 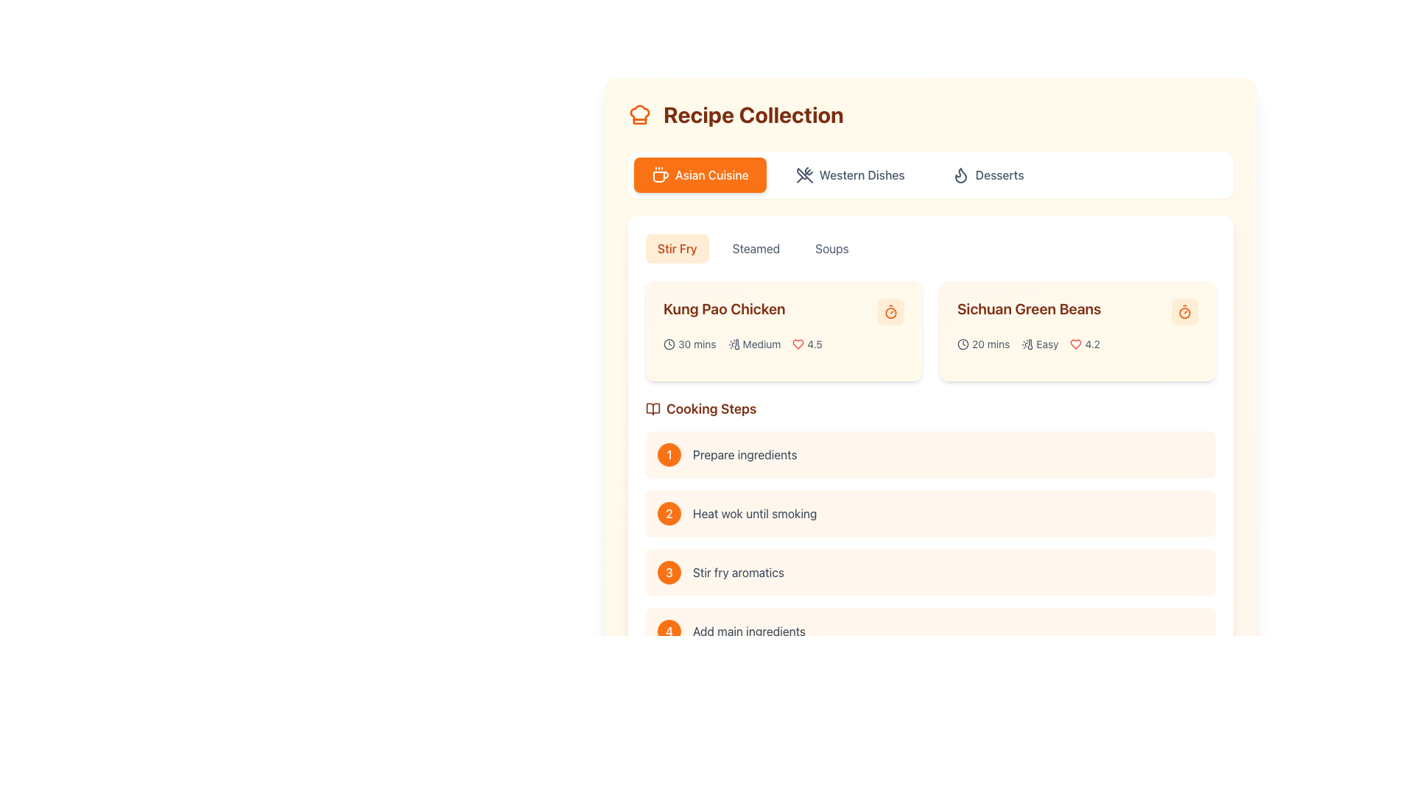 What do you see at coordinates (676, 248) in the screenshot?
I see `the 'Stir Fry' button, which is a pill-shaped component located in the top left section of the recipe interface` at bounding box center [676, 248].